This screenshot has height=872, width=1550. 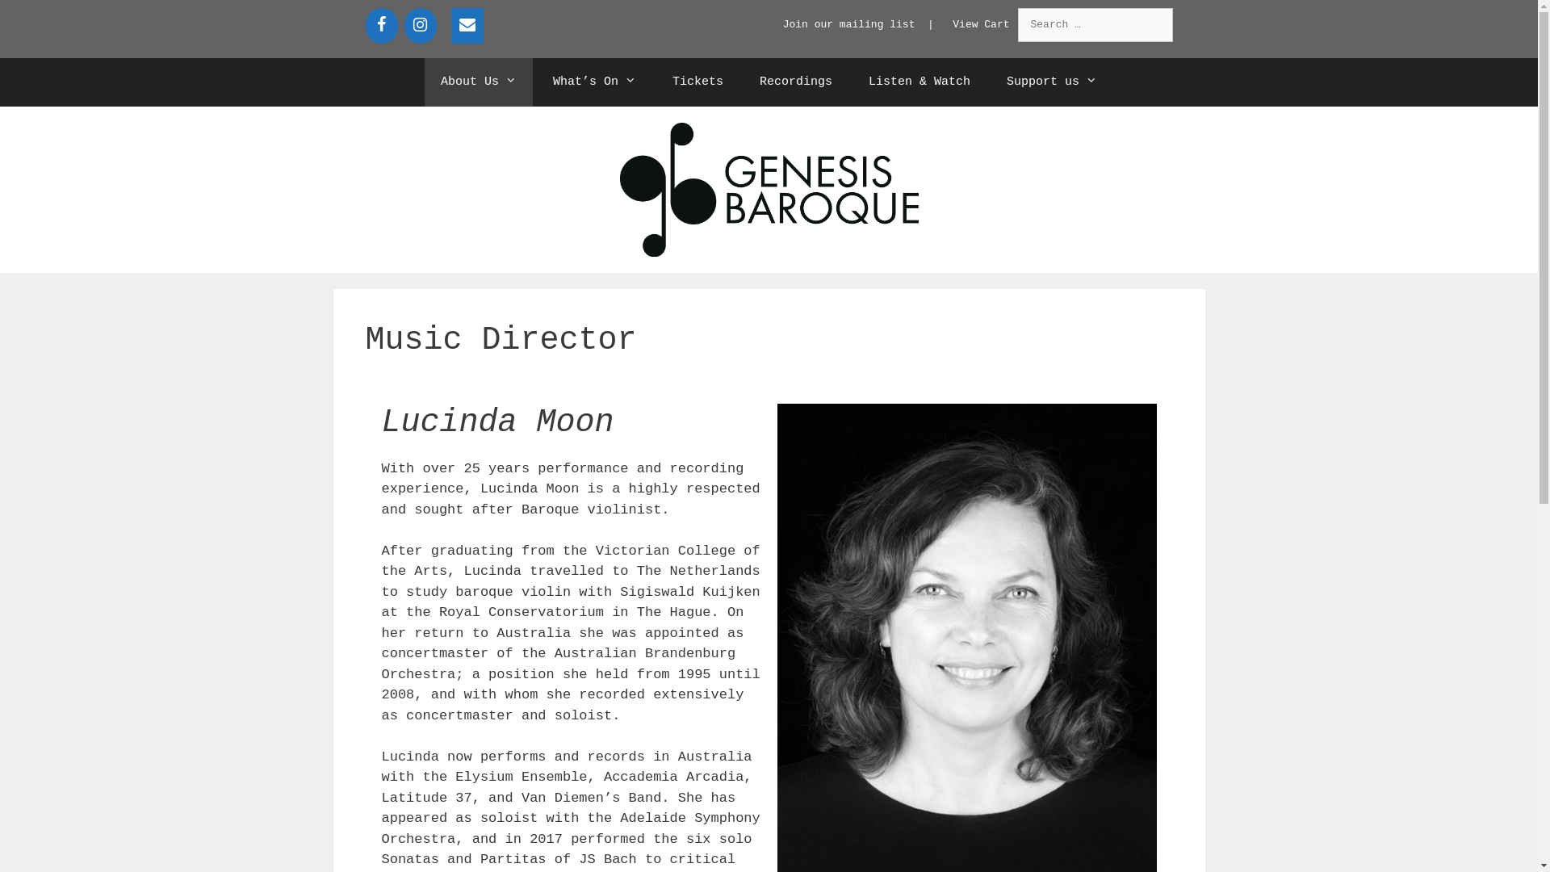 I want to click on 'Facebook', so click(x=379, y=25).